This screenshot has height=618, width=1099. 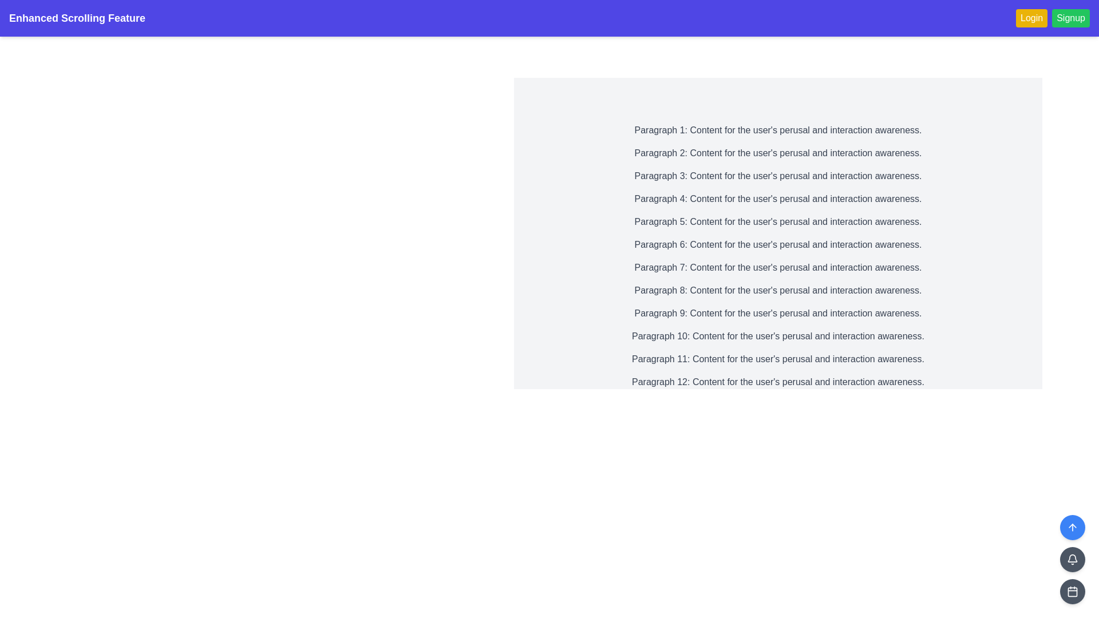 What do you see at coordinates (778, 244) in the screenshot?
I see `the 6th item in a sequential list of paragraphs, which displays textual content for informational purposes, located centrally between Paragraph 5 and Paragraph 7` at bounding box center [778, 244].